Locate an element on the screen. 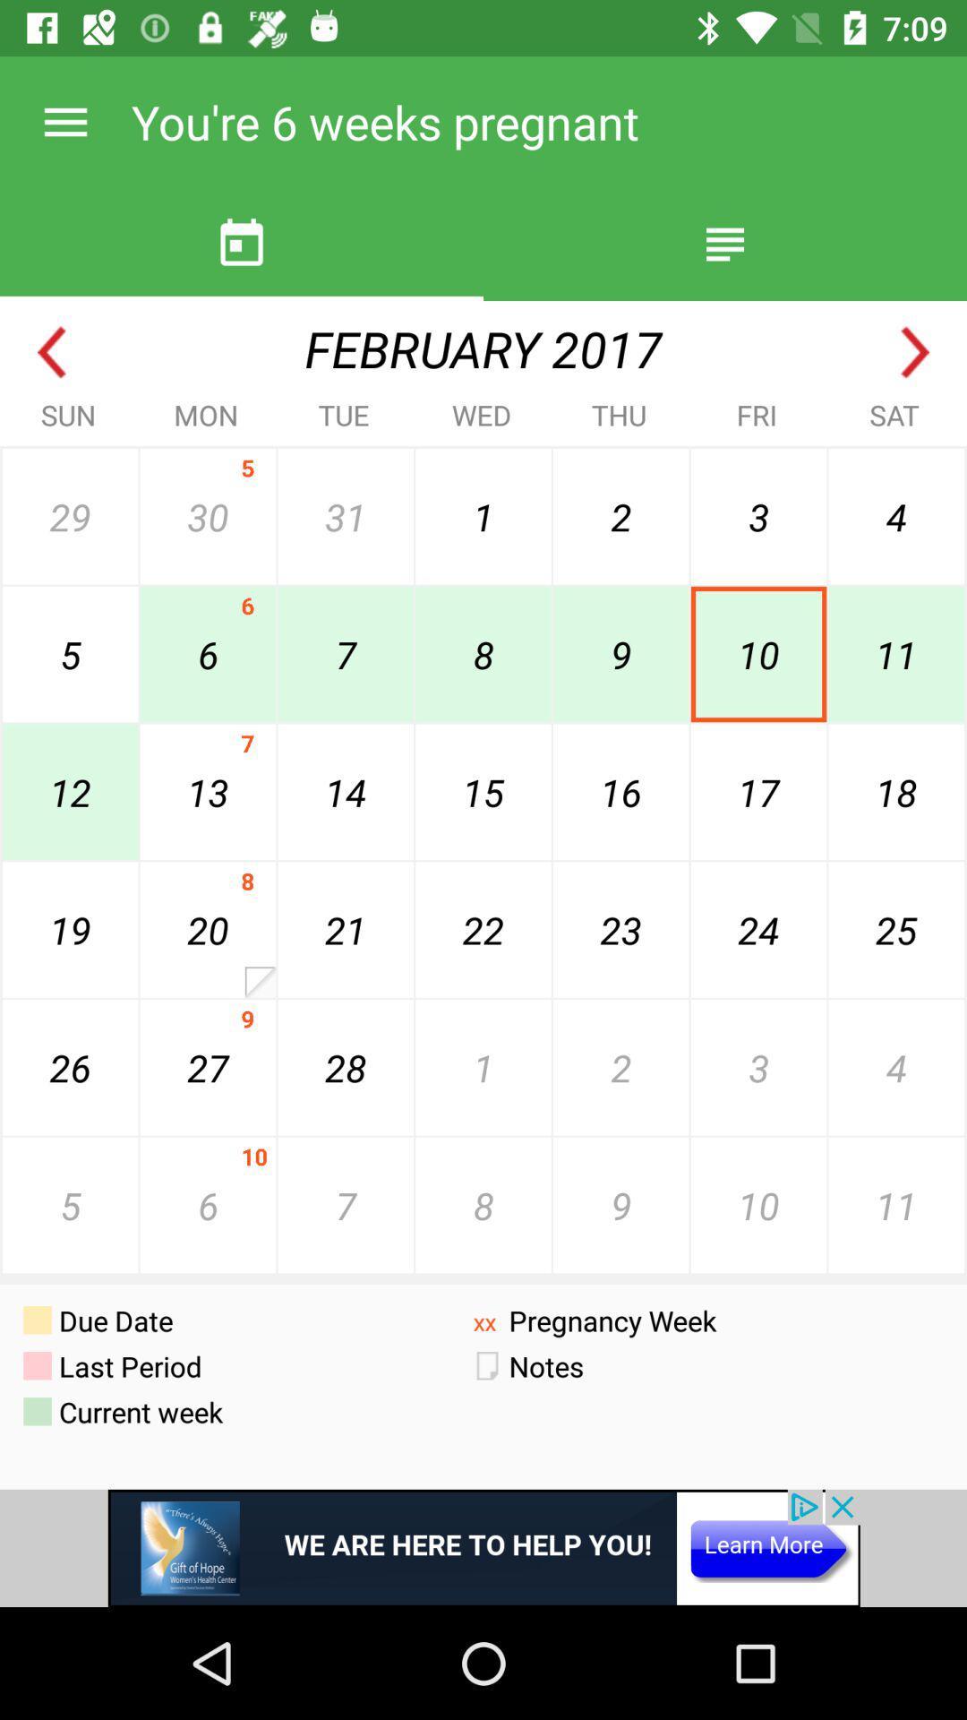  go back is located at coordinates (50, 352).